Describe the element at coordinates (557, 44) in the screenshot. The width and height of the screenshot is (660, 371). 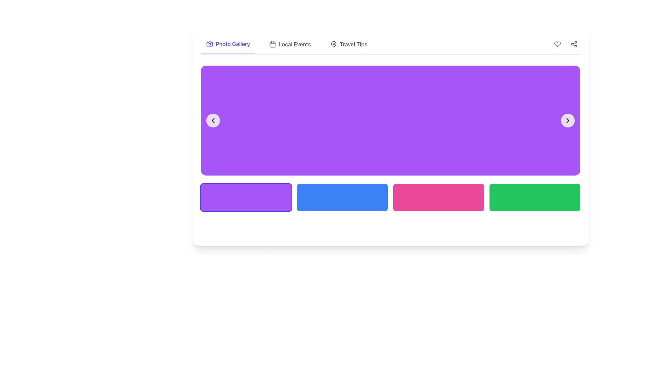
I see `the circular button with a heart icon located in the top-right corner of the interface` at that location.